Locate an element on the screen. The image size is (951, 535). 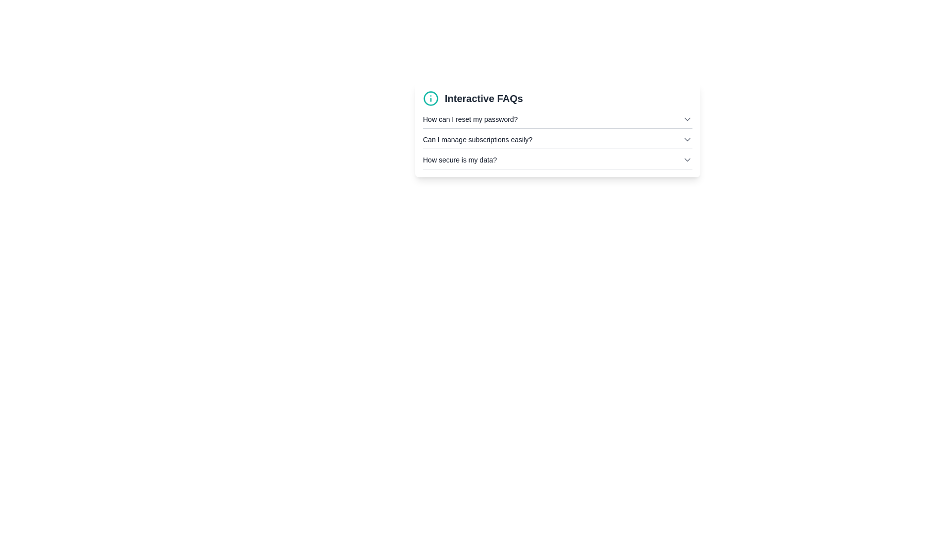
static text label representing a frequently asked question located at the top of the FAQ list section, positioned to the left of a downward-facing chevron icon is located at coordinates (470, 118).